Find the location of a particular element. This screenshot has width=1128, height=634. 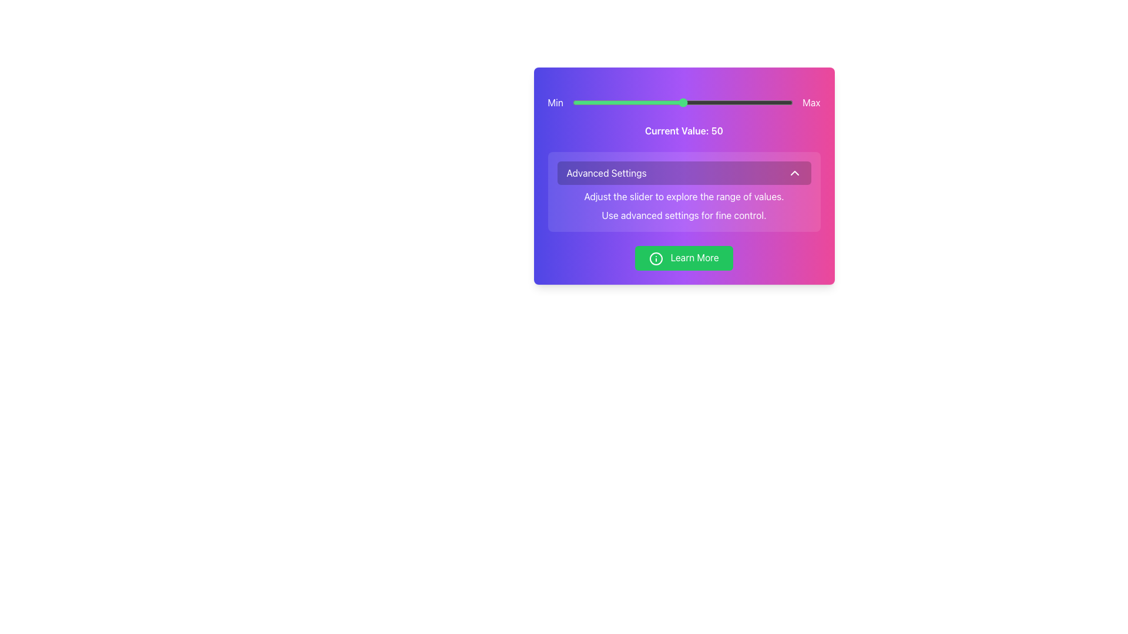

the 'Learn More' button, which is a rectangular button with a green background and white text, located under the 'Advanced Settings' section within a colorful gradient panel is located at coordinates (684, 257).